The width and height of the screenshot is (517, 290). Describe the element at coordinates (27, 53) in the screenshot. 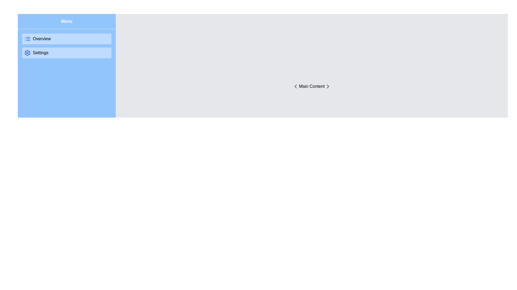

I see `the 'Settings' SVG Icon located in the left sidebar menu, which is positioned before the text 'Settings' within the button` at that location.